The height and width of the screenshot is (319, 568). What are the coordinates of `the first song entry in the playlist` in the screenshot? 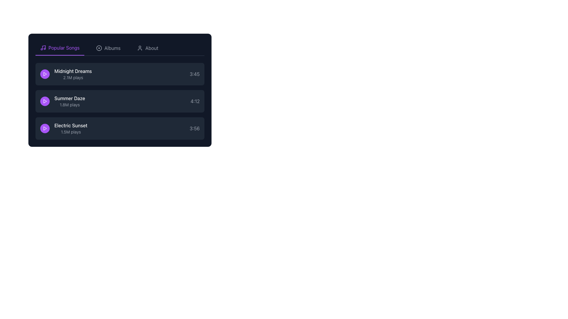 It's located at (120, 74).